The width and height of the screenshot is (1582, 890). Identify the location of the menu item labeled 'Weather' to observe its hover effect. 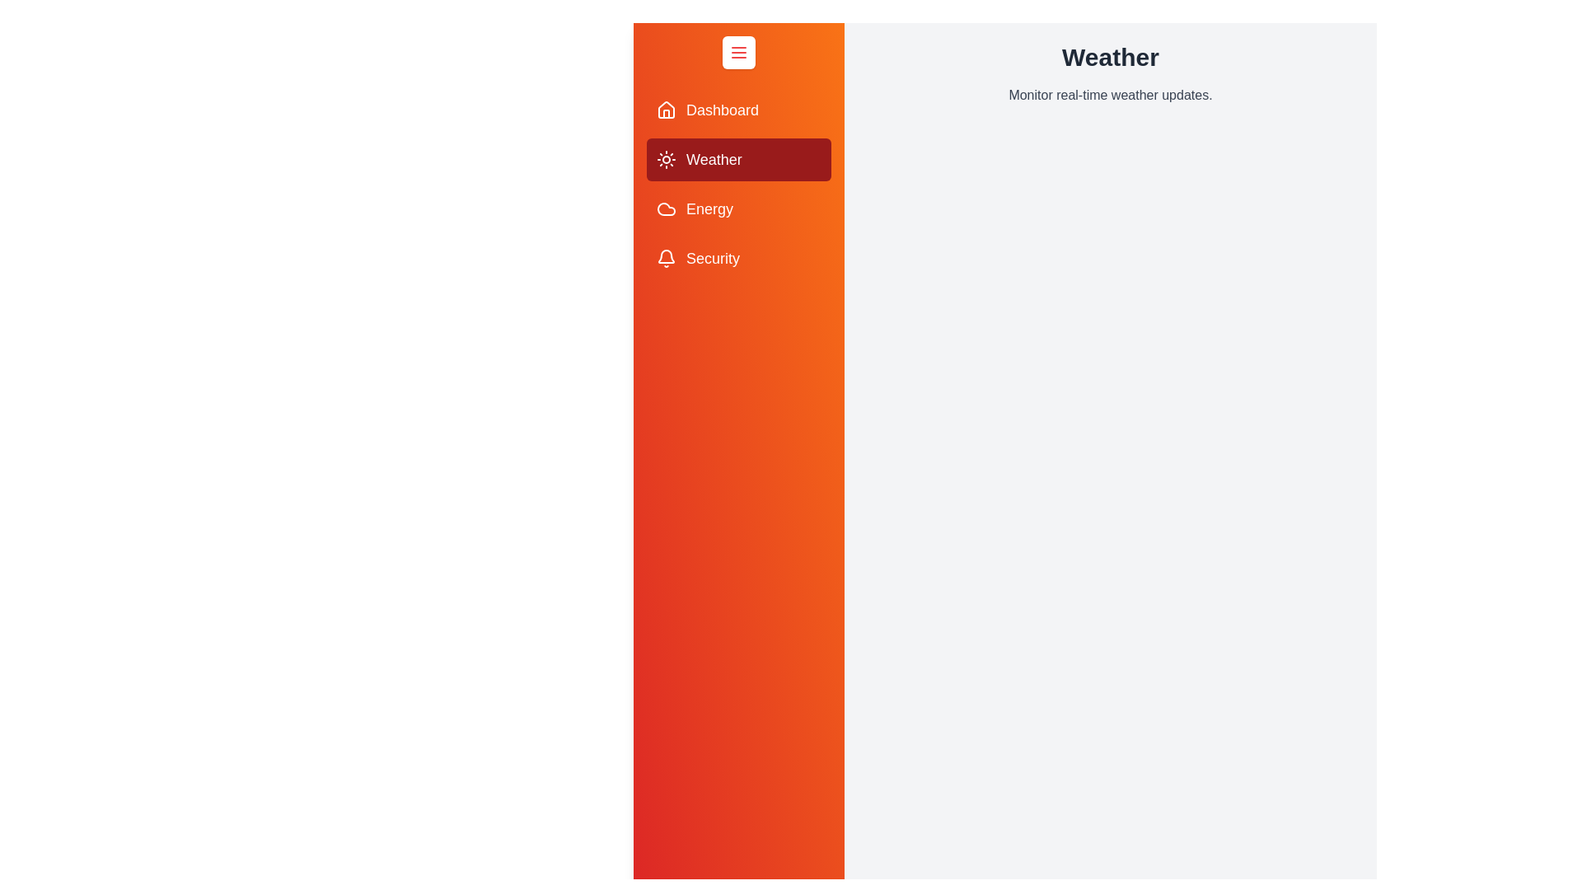
(738, 159).